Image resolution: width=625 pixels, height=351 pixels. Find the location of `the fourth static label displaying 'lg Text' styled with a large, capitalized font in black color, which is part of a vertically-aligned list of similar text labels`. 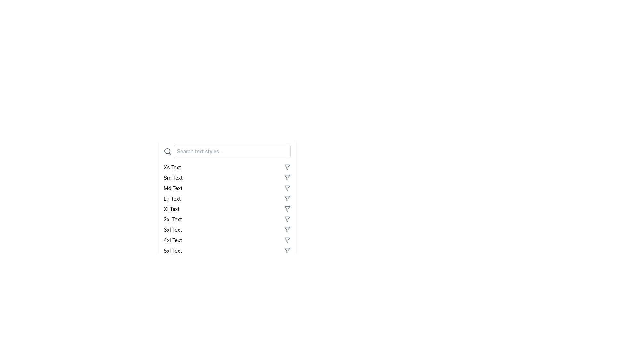

the fourth static label displaying 'lg Text' styled with a large, capitalized font in black color, which is part of a vertically-aligned list of similar text labels is located at coordinates (172, 198).